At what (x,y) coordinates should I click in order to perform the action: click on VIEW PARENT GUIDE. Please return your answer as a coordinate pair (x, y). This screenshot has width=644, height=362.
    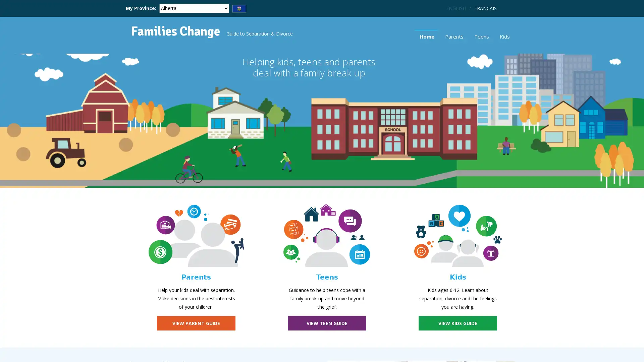
    Looking at the image, I should click on (196, 323).